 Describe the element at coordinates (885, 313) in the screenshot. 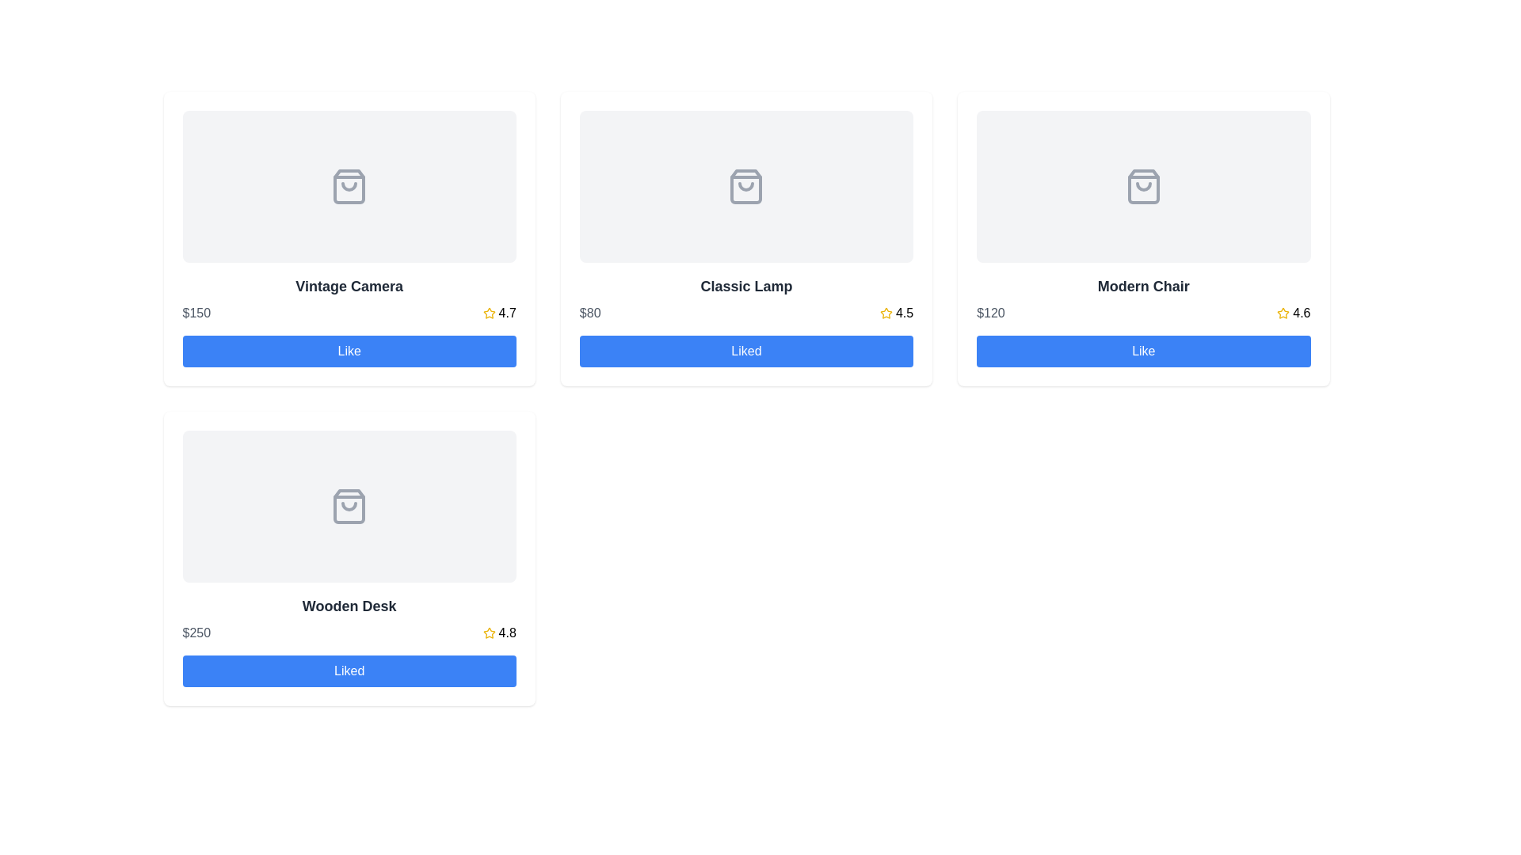

I see `the rating icon representing the 'Classic Lamp' item, located next to the numeric rating text '4.5'` at that location.